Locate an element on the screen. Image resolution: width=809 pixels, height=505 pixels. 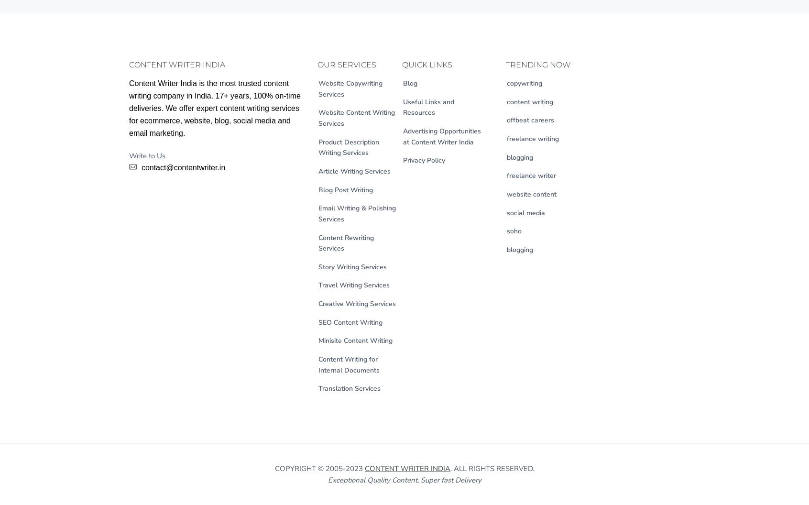
'Content Writing for Internal Documents' is located at coordinates (348, 364).